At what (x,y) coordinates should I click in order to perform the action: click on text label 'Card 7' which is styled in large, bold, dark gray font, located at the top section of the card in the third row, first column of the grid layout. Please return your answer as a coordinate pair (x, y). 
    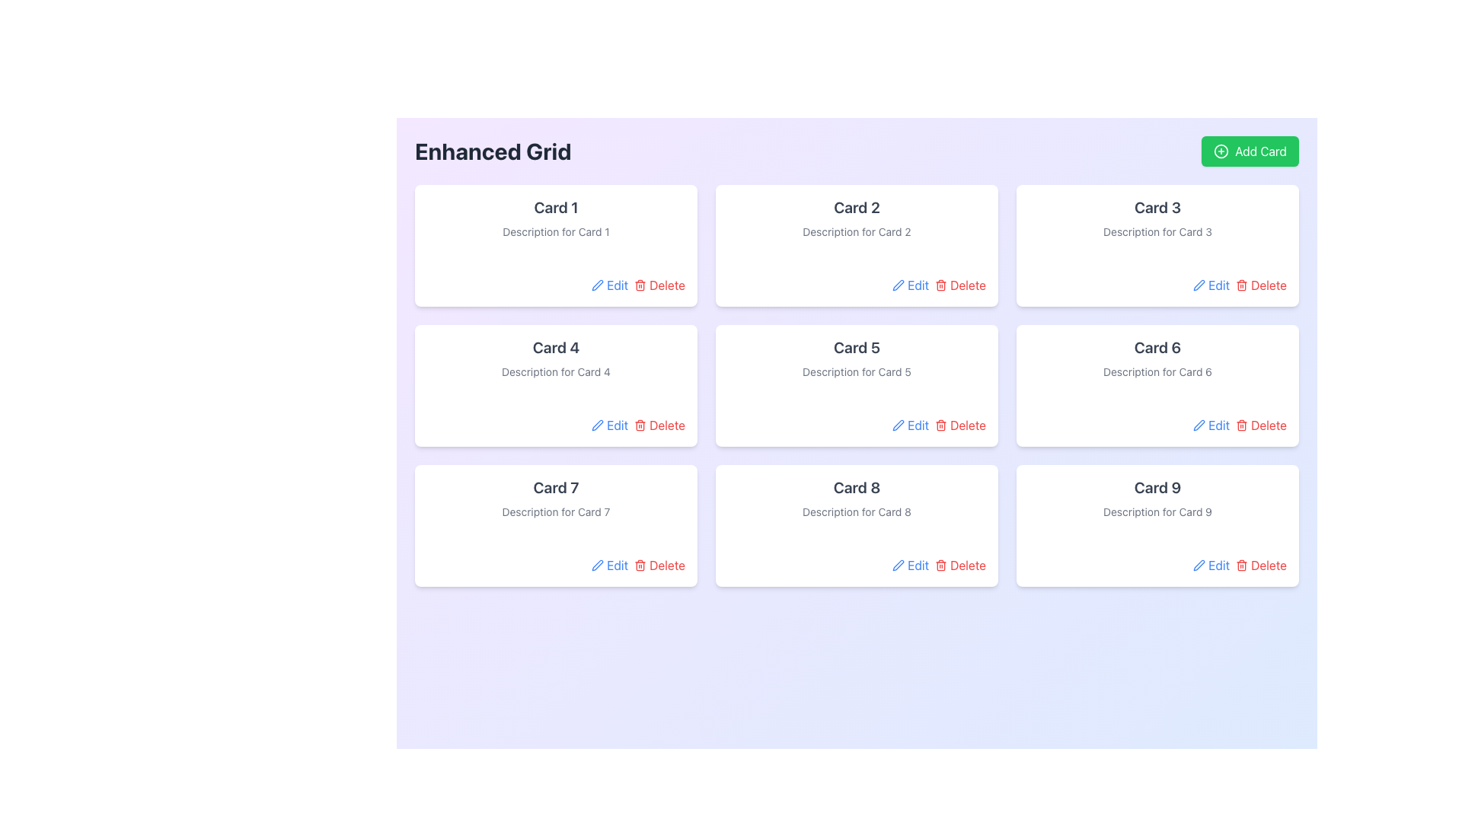
    Looking at the image, I should click on (555, 487).